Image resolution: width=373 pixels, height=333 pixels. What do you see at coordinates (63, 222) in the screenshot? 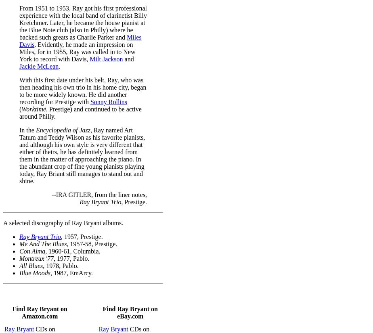
I see `'A selected discography of Ray Bryant albums.'` at bounding box center [63, 222].